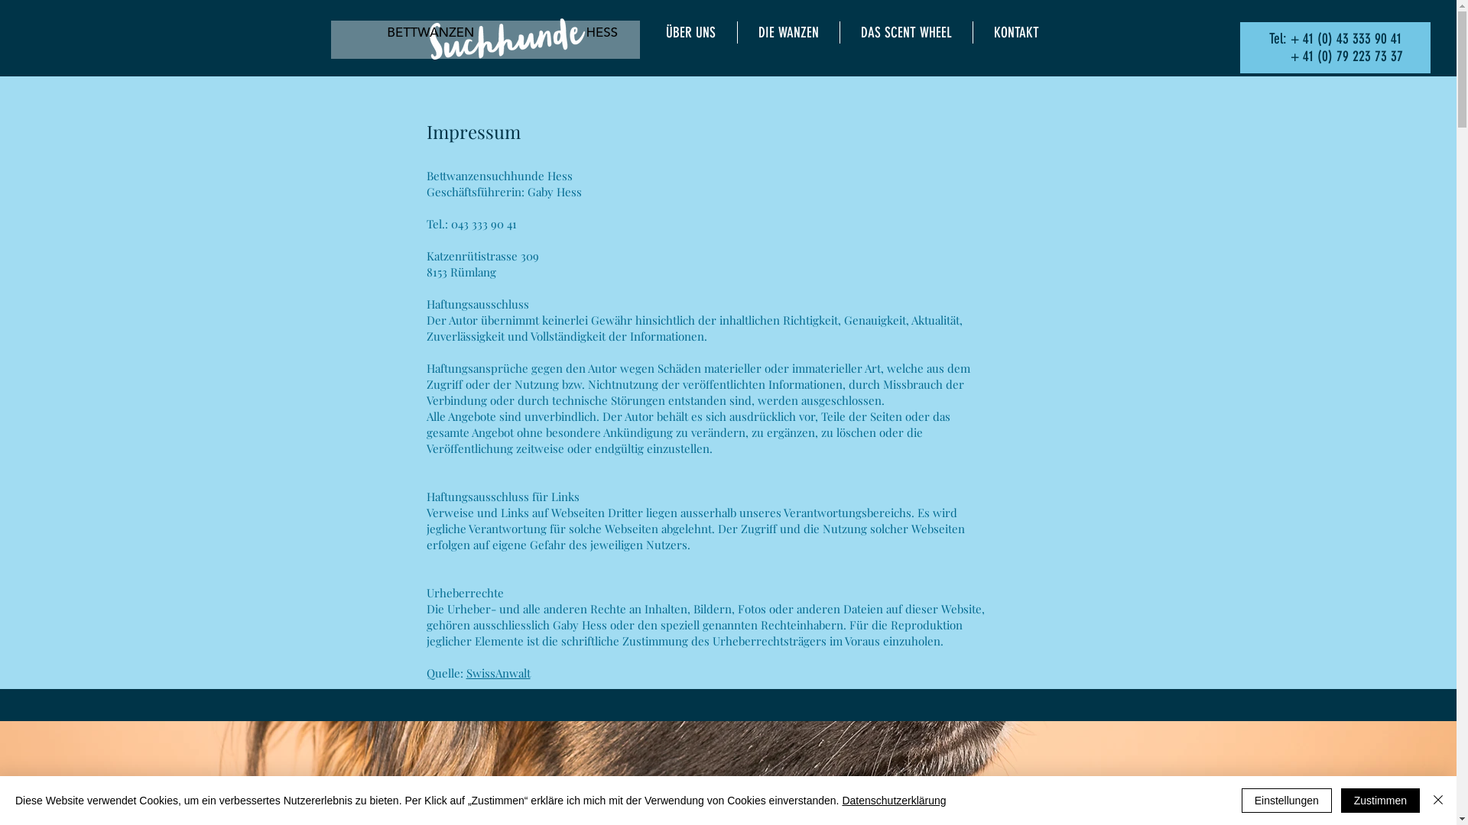 Image resolution: width=1468 pixels, height=825 pixels. What do you see at coordinates (905, 32) in the screenshot?
I see `'DAS SCENT WHEEL'` at bounding box center [905, 32].